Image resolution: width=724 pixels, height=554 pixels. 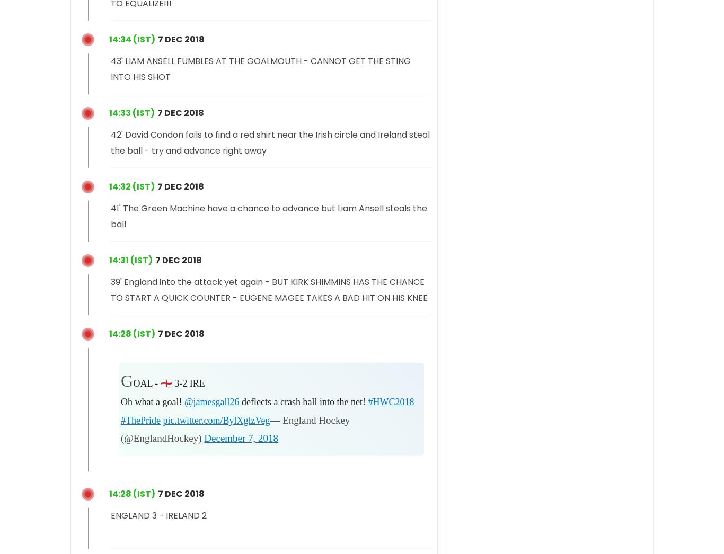 What do you see at coordinates (132, 39) in the screenshot?
I see `'14:34 (IST)'` at bounding box center [132, 39].